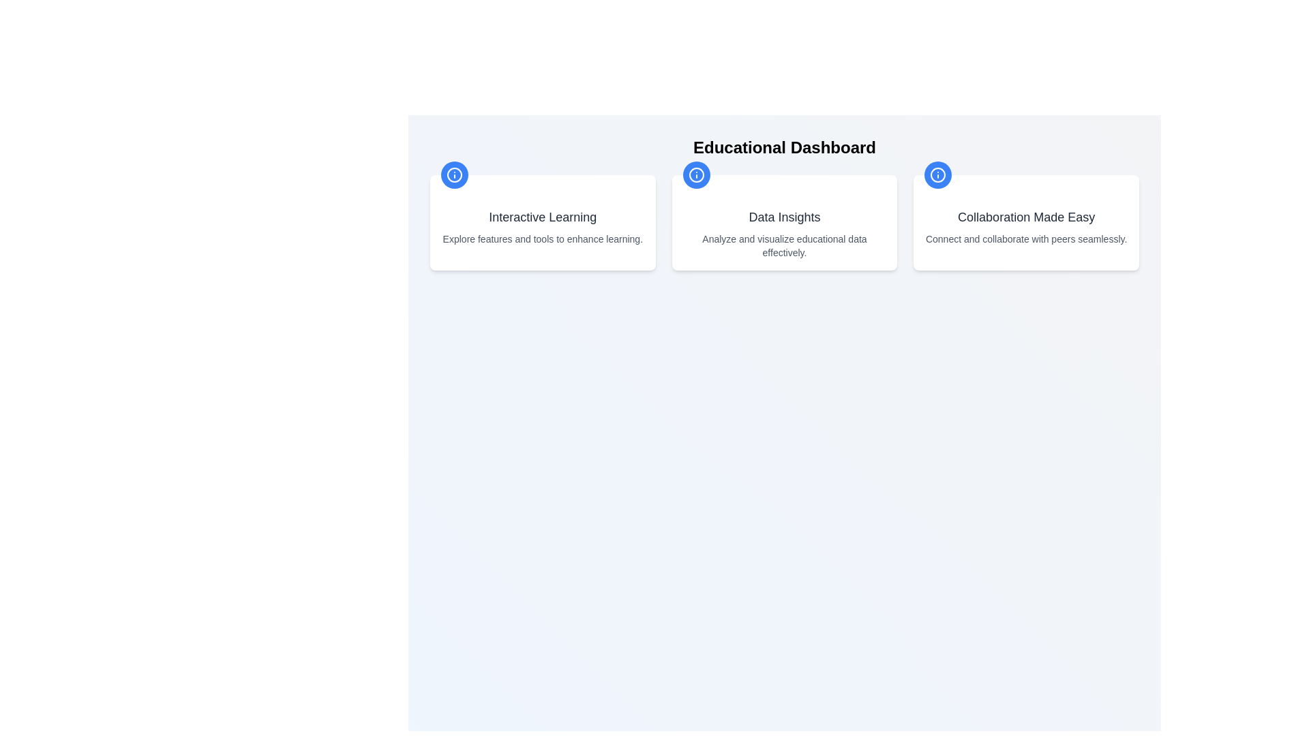  What do you see at coordinates (785, 147) in the screenshot?
I see `bold title 'Educational Dashboard' located at the top of the central content area, which is styled prominently against a gradient background` at bounding box center [785, 147].